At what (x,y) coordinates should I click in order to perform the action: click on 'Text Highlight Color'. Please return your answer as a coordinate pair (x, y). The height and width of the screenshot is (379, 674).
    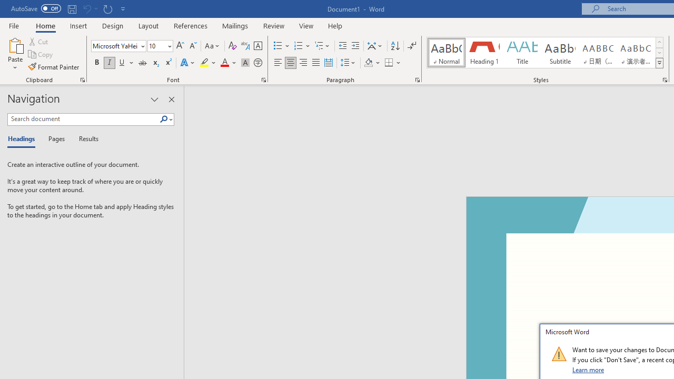
    Looking at the image, I should click on (208, 63).